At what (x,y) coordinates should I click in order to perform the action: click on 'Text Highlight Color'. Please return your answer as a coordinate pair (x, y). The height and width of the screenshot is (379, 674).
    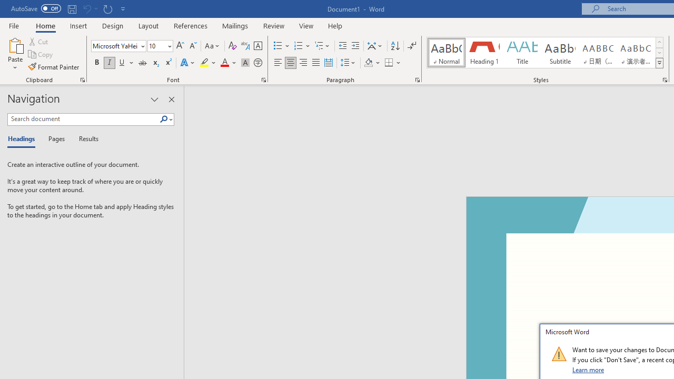
    Looking at the image, I should click on (208, 63).